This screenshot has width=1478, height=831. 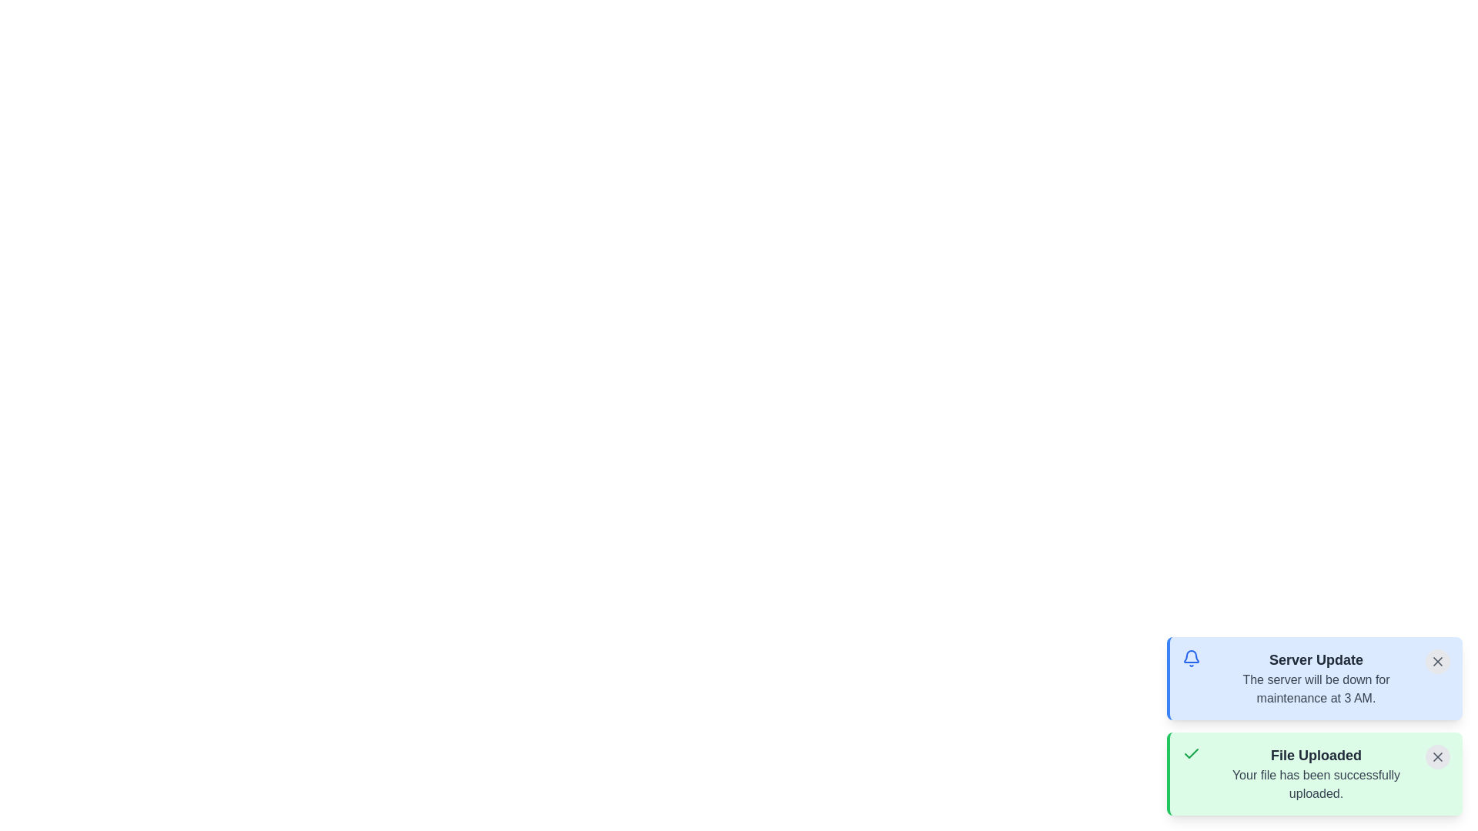 What do you see at coordinates (1436, 756) in the screenshot?
I see `the button located at the far right of the 'File Uploaded' notification card` at bounding box center [1436, 756].